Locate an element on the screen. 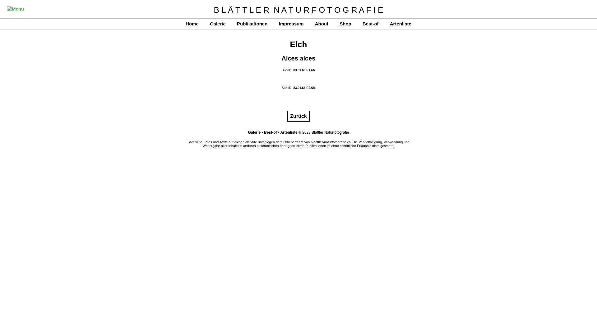  'Shop' is located at coordinates (345, 23).